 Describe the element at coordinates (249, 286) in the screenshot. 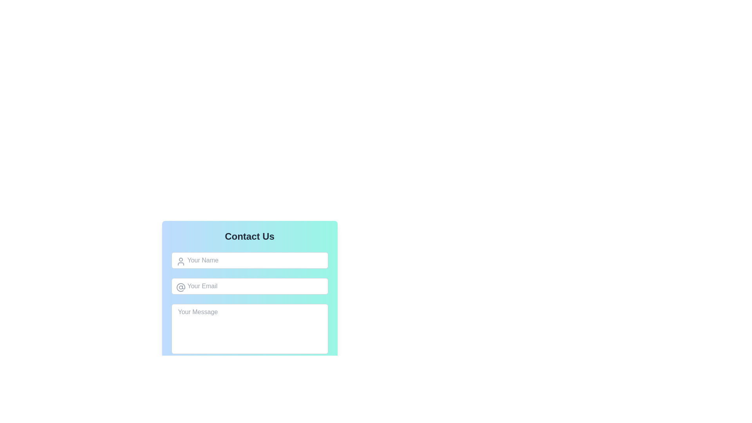

I see `the email input field in the 'Contact Us' form by using the tab key` at that location.